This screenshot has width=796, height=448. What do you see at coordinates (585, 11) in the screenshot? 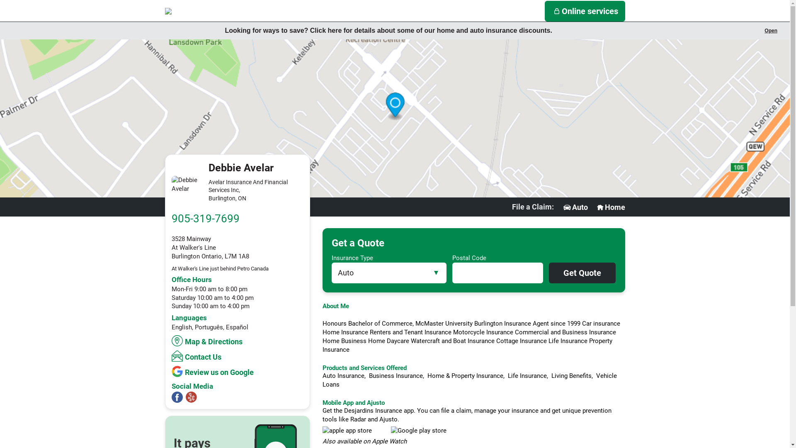
I see `'Online services'` at bounding box center [585, 11].